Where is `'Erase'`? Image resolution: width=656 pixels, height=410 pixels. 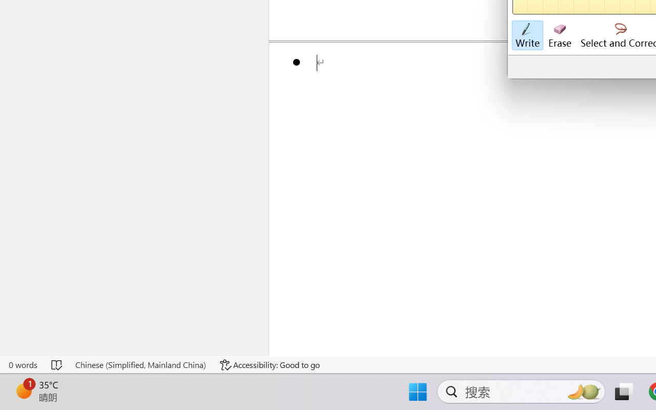
'Erase' is located at coordinates (559, 35).